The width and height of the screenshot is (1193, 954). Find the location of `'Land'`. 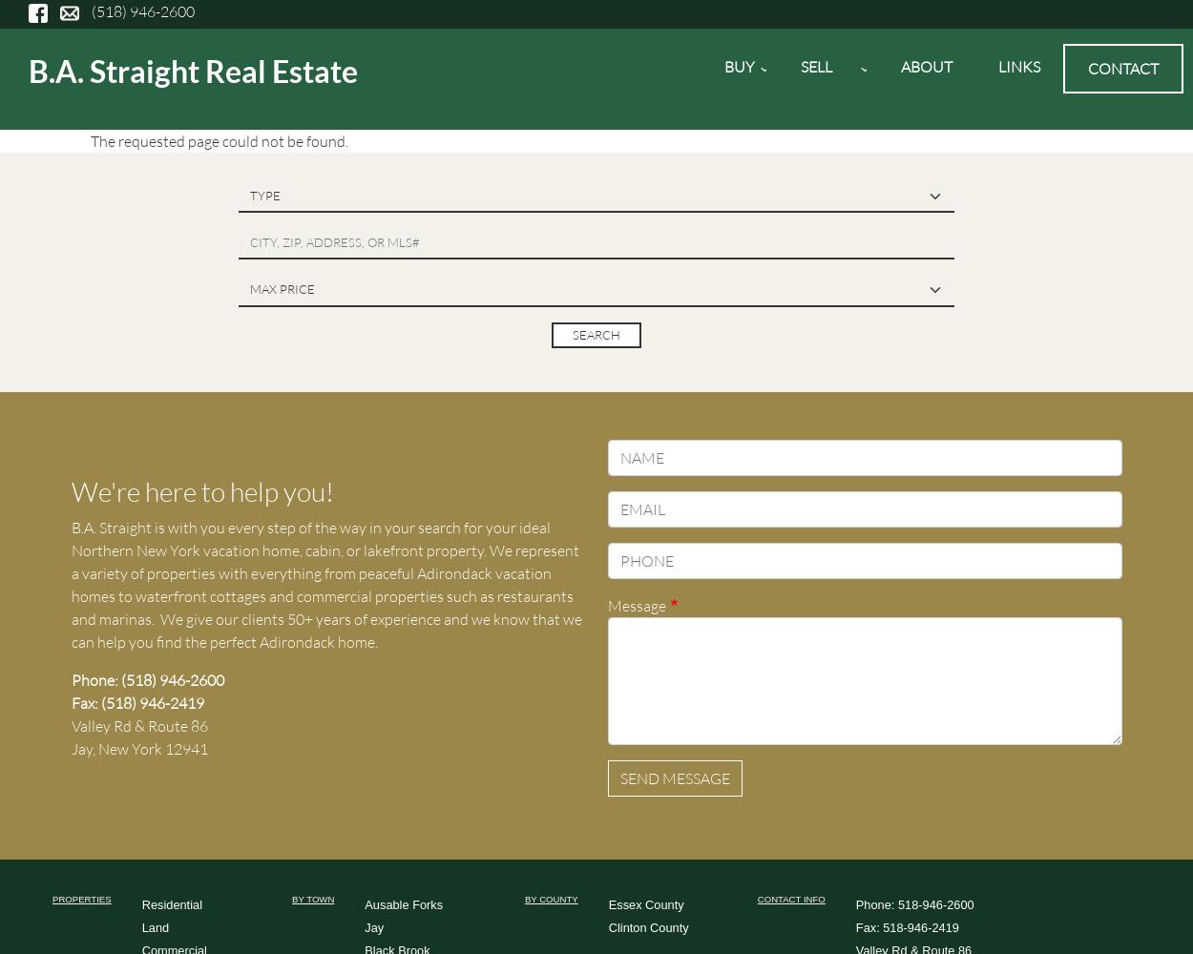

'Land' is located at coordinates (155, 926).